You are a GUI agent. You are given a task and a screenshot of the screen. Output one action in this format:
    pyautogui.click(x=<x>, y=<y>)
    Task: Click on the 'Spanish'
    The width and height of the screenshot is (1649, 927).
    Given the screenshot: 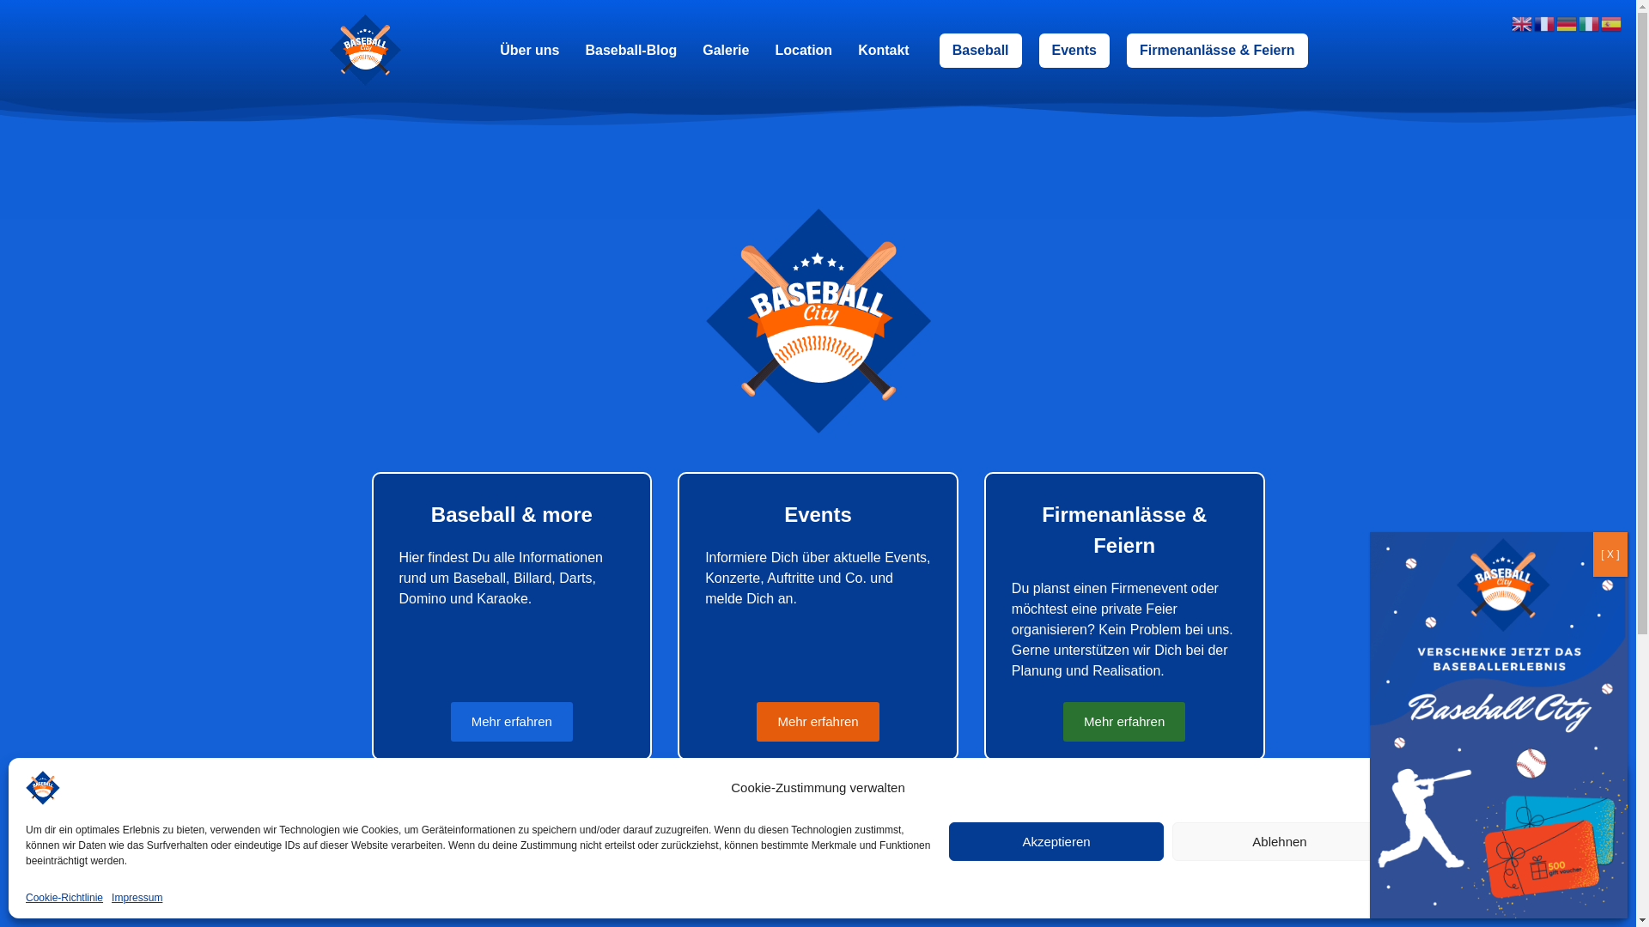 What is the action you would take?
    pyautogui.click(x=1610, y=22)
    